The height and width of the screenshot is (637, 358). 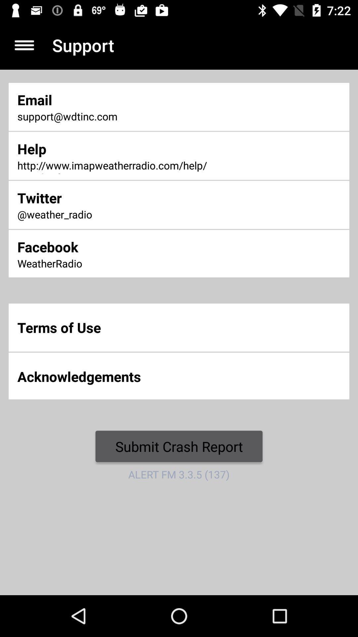 What do you see at coordinates (119, 247) in the screenshot?
I see `icon above weatherradio` at bounding box center [119, 247].